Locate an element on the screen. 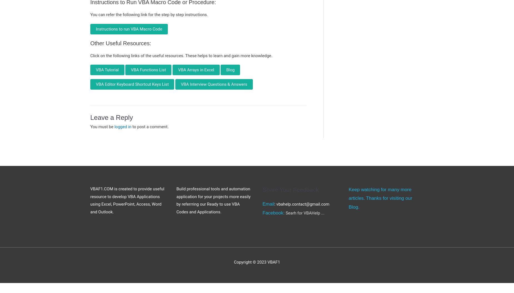 The height and width of the screenshot is (293, 514). 'Leave a Reply' is located at coordinates (90, 117).